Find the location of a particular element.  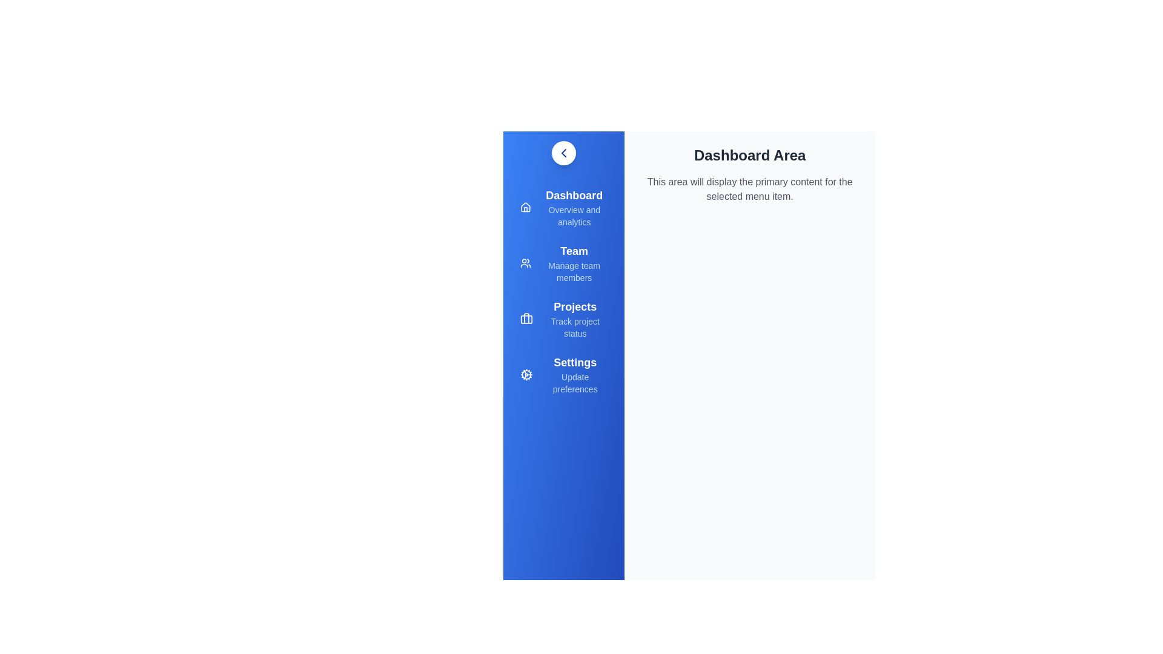

the 'Dashboard Area' to interact with it is located at coordinates (749, 458).